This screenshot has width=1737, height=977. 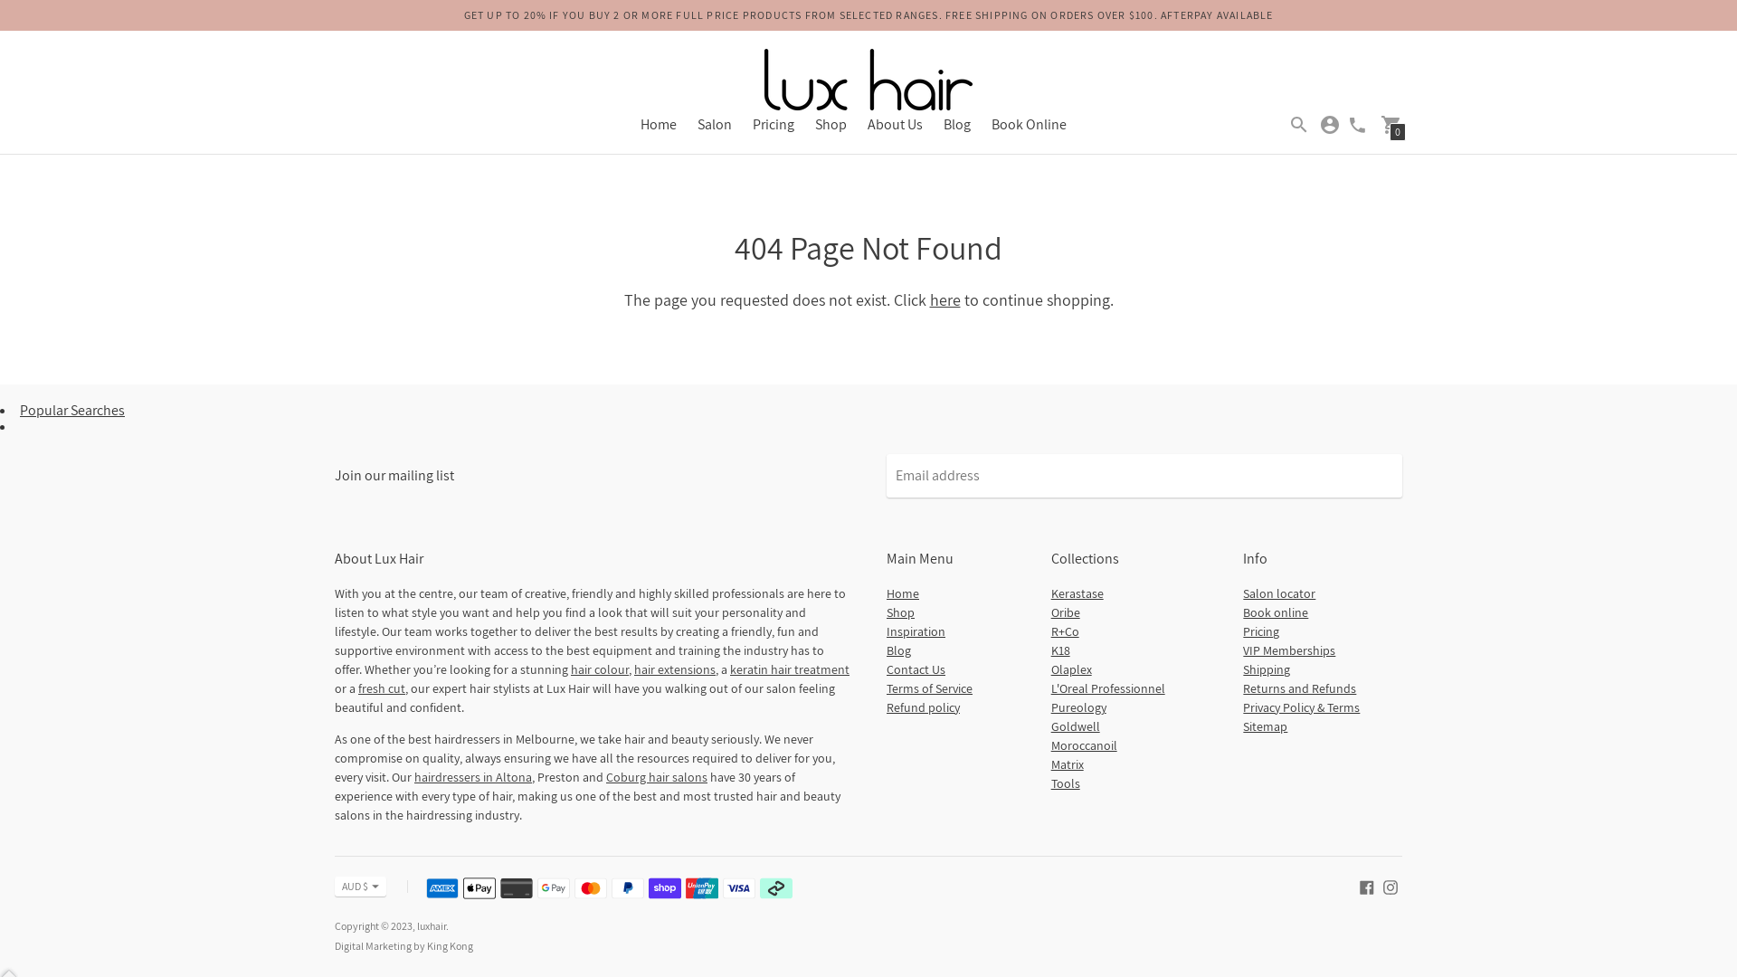 What do you see at coordinates (1300, 707) in the screenshot?
I see `'Privacy Policy & Terms'` at bounding box center [1300, 707].